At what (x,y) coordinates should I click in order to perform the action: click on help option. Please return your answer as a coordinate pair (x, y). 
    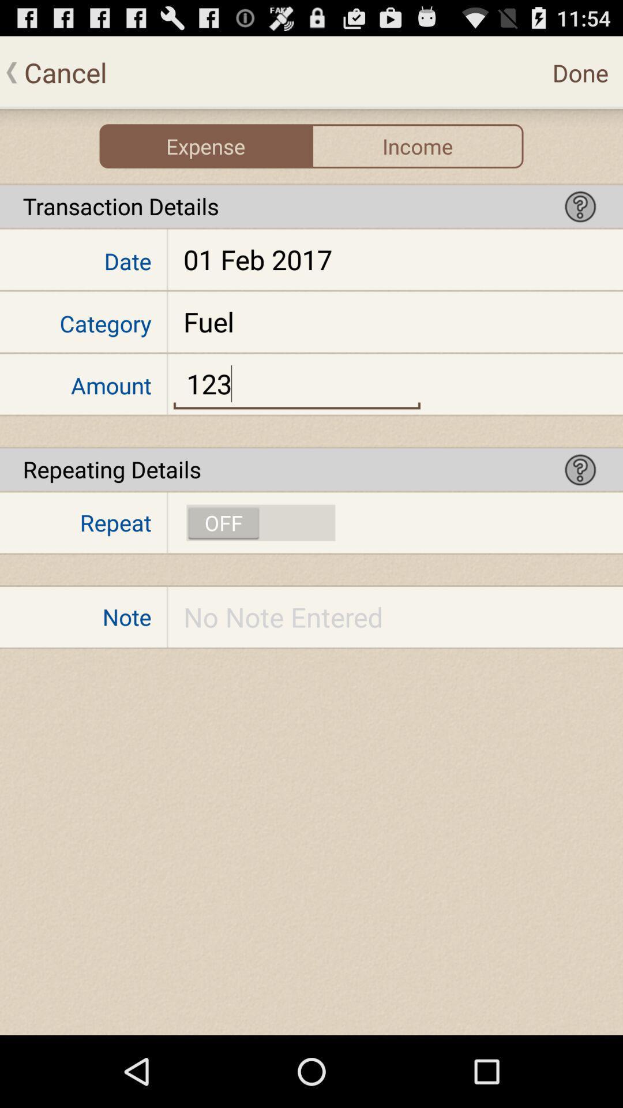
    Looking at the image, I should click on (580, 469).